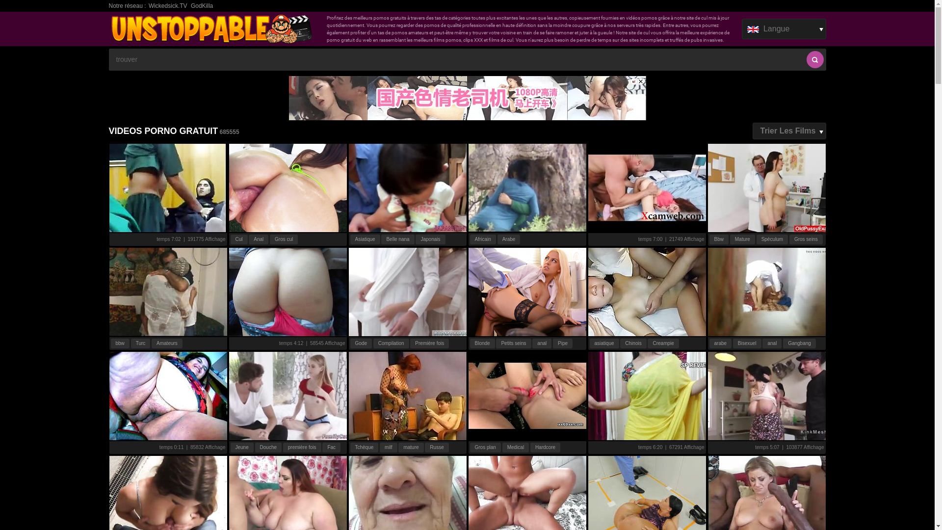 This screenshot has height=530, width=942. Describe the element at coordinates (360, 343) in the screenshot. I see `'Gode'` at that location.